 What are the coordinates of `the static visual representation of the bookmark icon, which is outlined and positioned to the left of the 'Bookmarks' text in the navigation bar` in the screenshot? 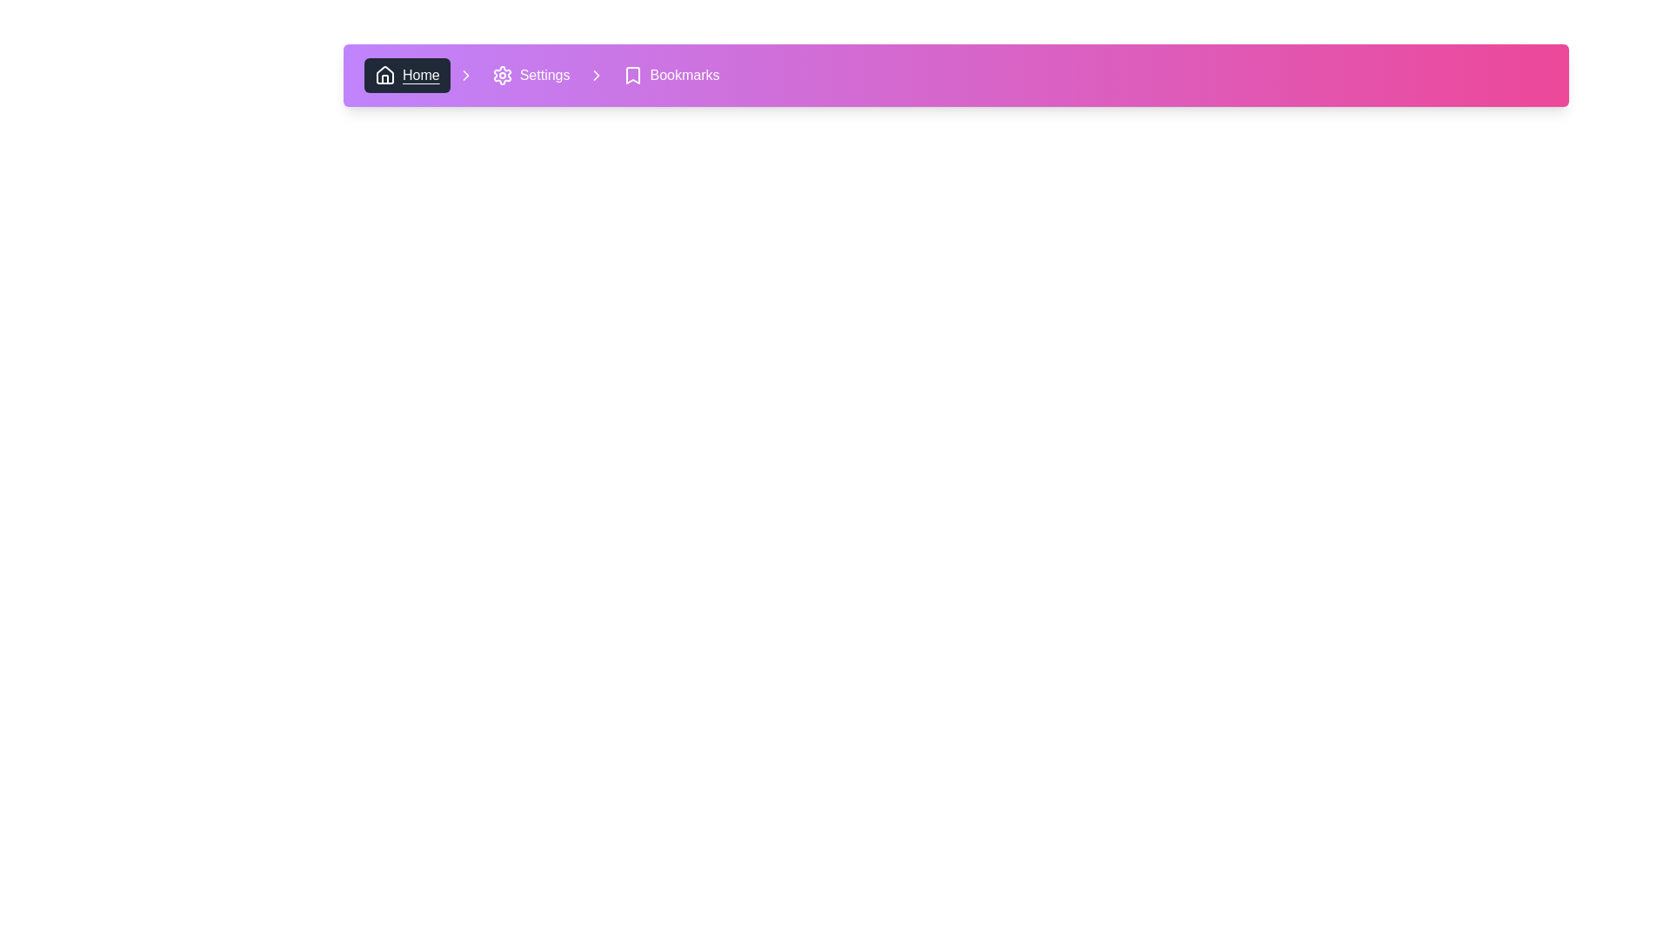 It's located at (631, 75).